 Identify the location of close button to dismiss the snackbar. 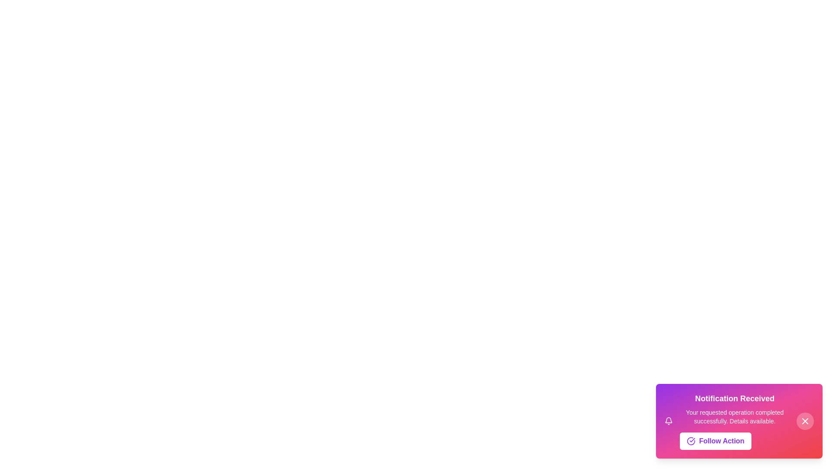
(805, 420).